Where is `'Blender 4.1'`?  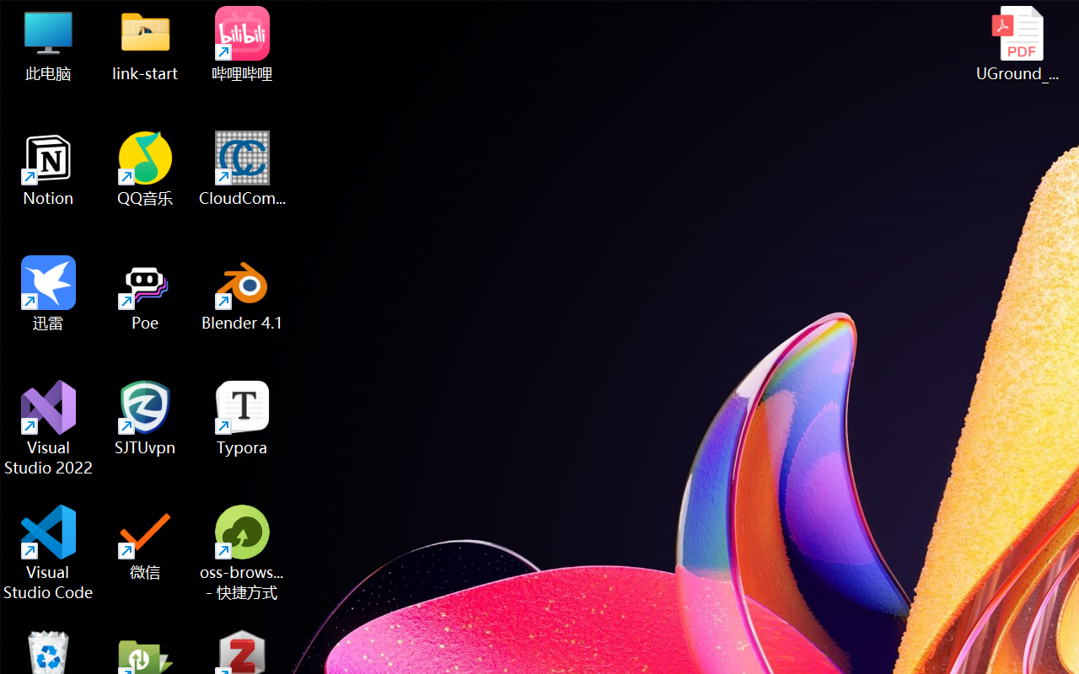 'Blender 4.1' is located at coordinates (242, 293).